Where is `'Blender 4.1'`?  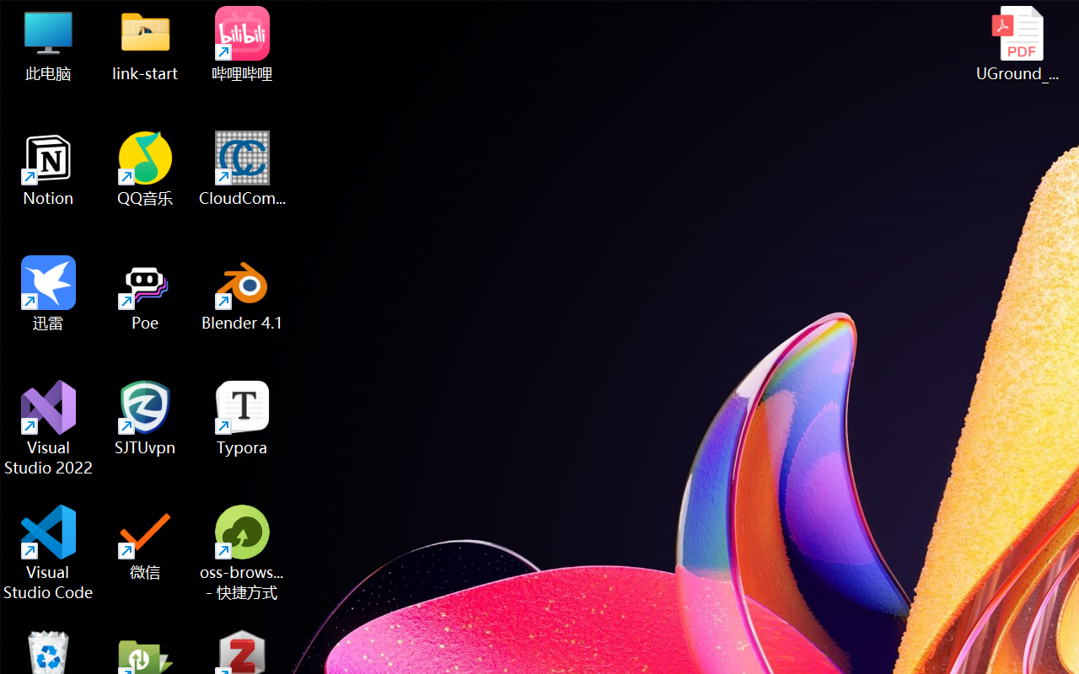 'Blender 4.1' is located at coordinates (242, 293).